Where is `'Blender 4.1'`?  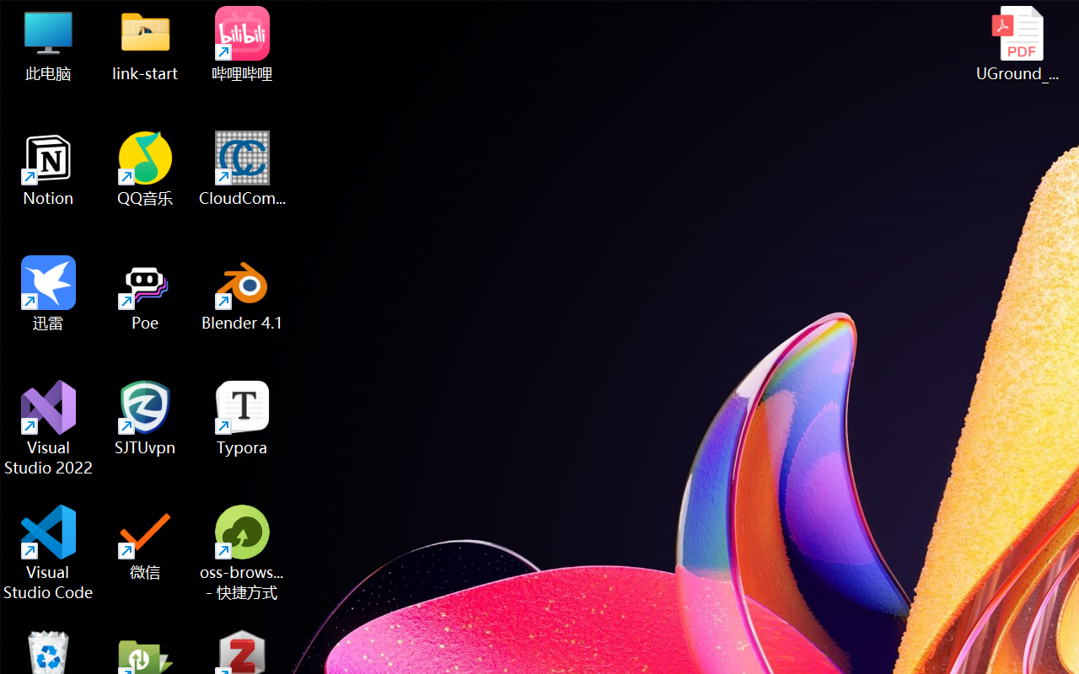 'Blender 4.1' is located at coordinates (242, 293).